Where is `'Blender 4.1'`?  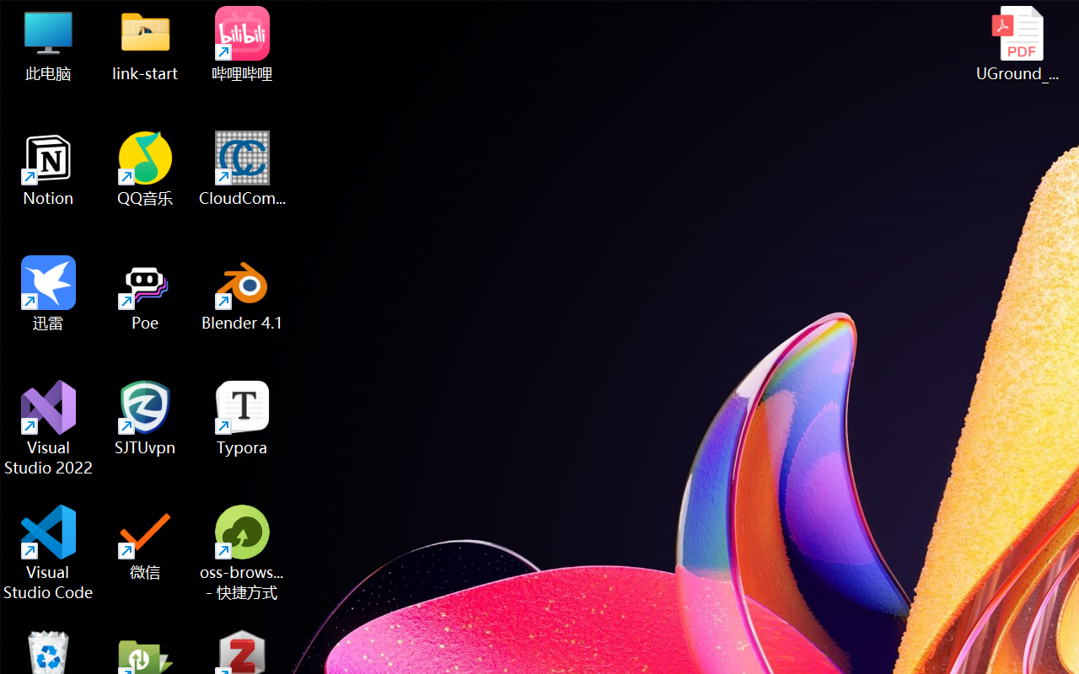 'Blender 4.1' is located at coordinates (242, 293).